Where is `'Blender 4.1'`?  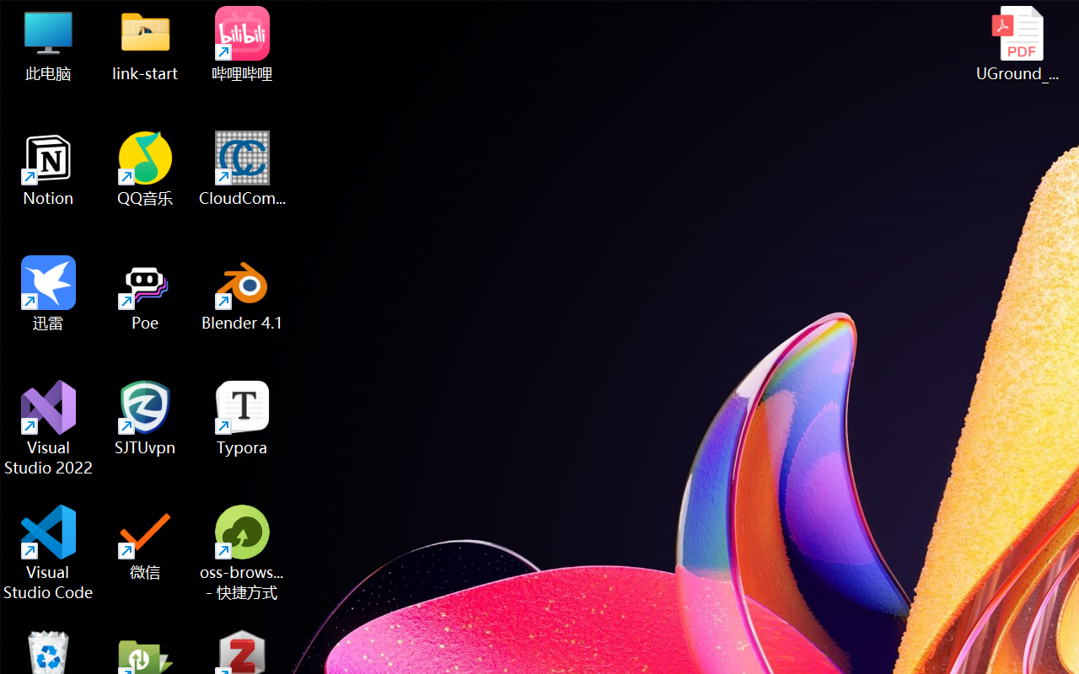 'Blender 4.1' is located at coordinates (242, 293).